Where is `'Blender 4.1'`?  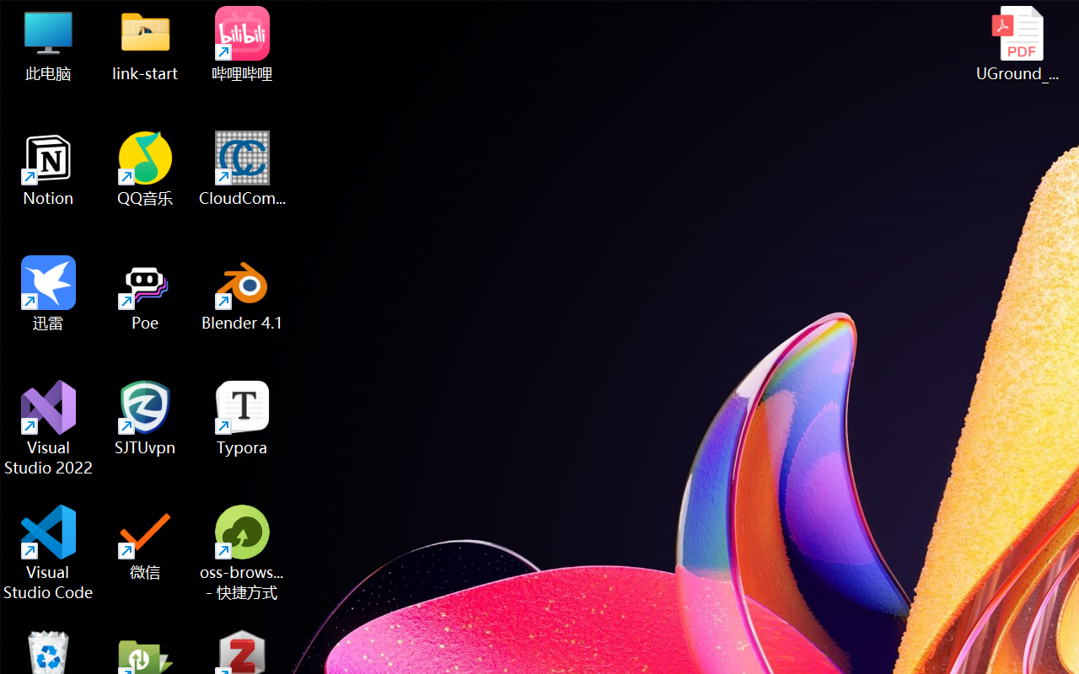 'Blender 4.1' is located at coordinates (242, 293).